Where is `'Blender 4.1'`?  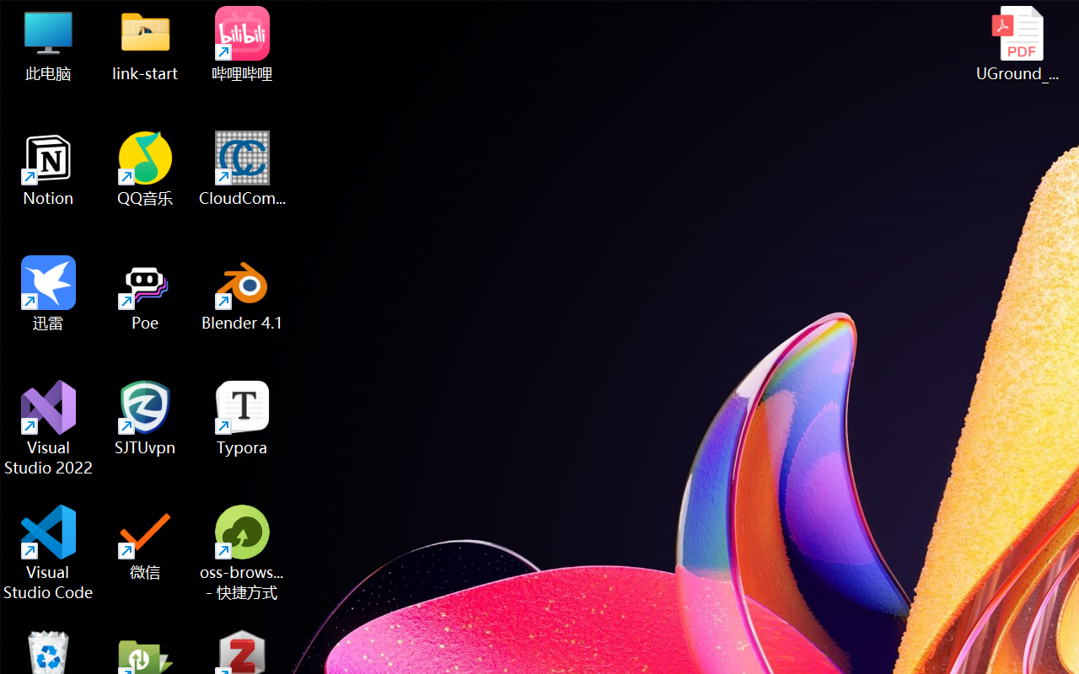 'Blender 4.1' is located at coordinates (242, 293).